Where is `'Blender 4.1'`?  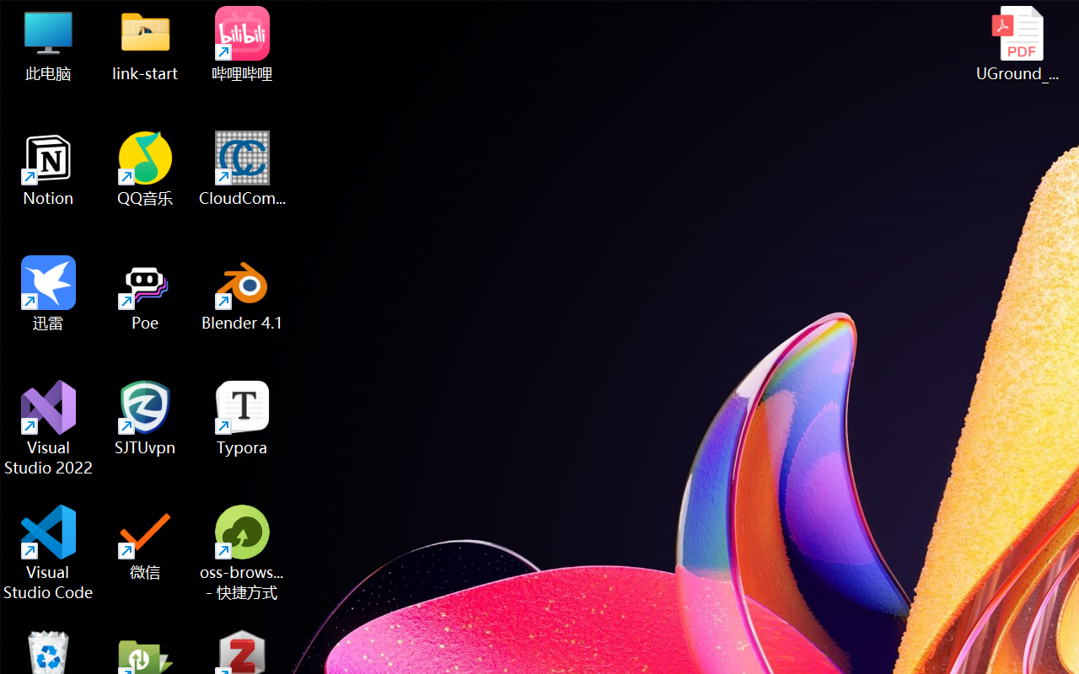 'Blender 4.1' is located at coordinates (242, 293).